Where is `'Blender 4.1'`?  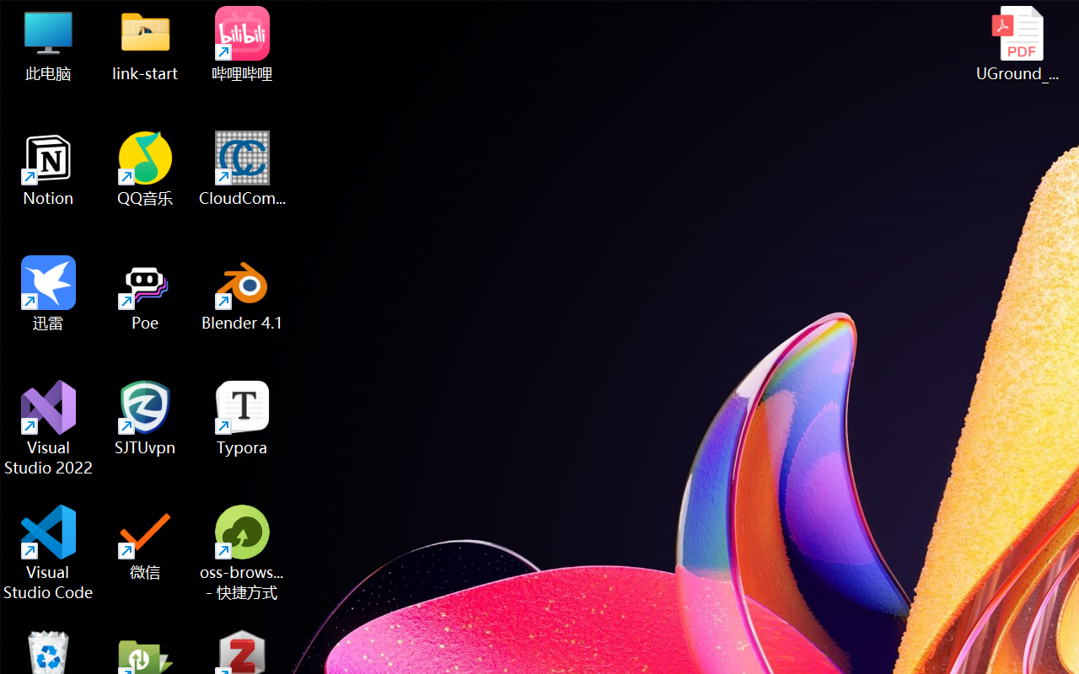 'Blender 4.1' is located at coordinates (242, 293).